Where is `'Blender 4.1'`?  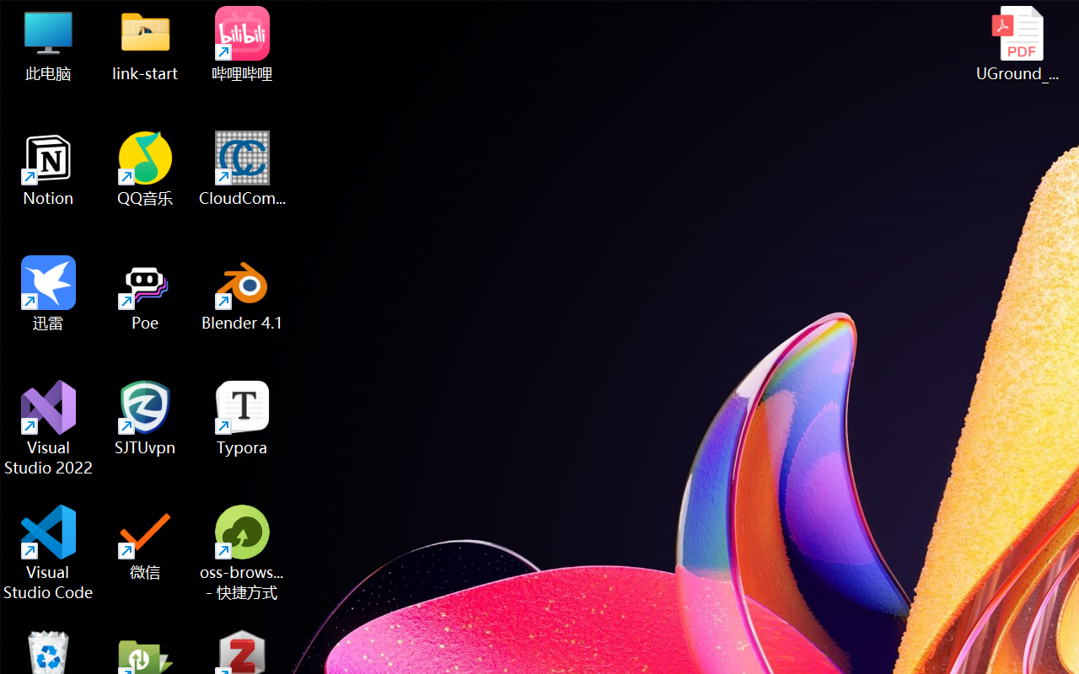 'Blender 4.1' is located at coordinates (242, 293).